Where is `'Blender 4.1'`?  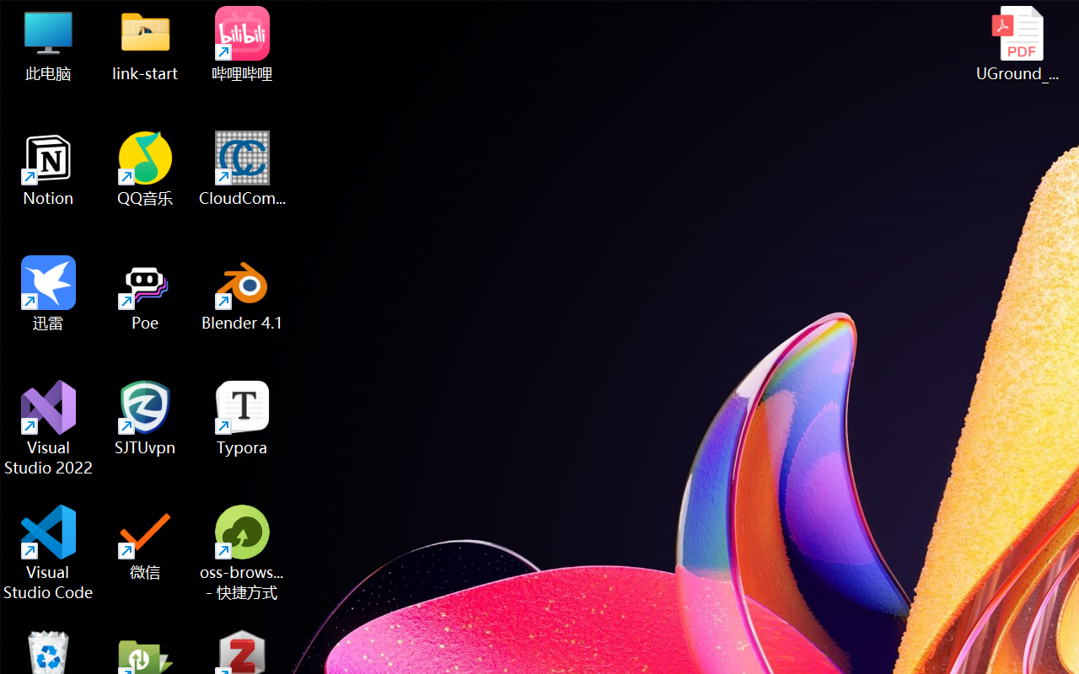 'Blender 4.1' is located at coordinates (242, 293).